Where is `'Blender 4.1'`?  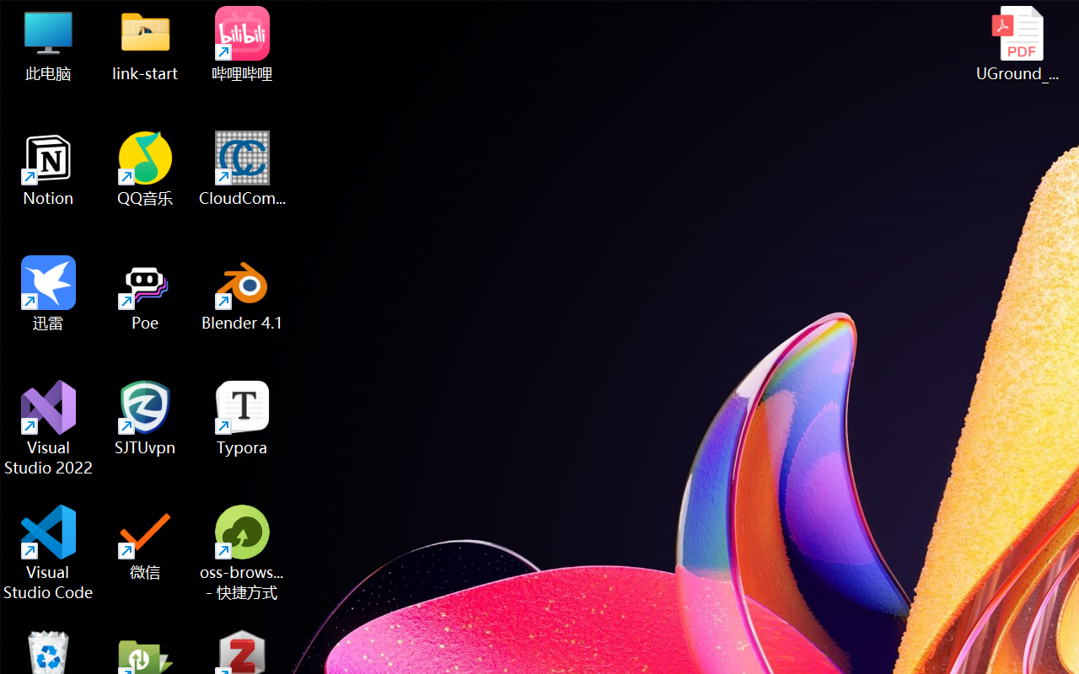 'Blender 4.1' is located at coordinates (242, 293).